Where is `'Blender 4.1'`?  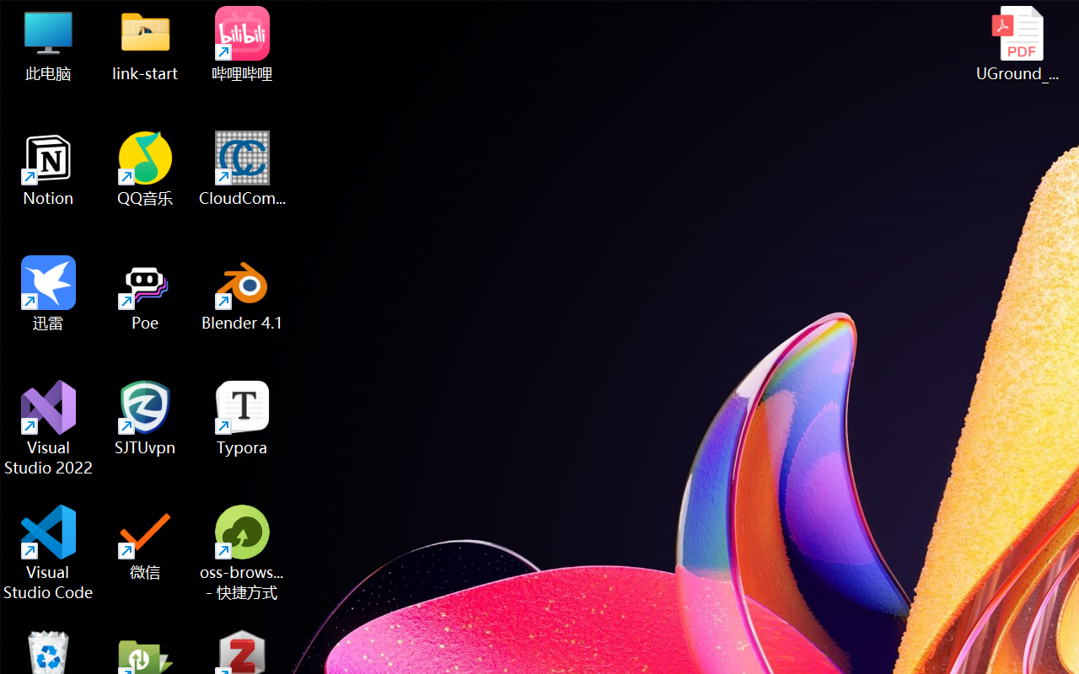 'Blender 4.1' is located at coordinates (242, 293).